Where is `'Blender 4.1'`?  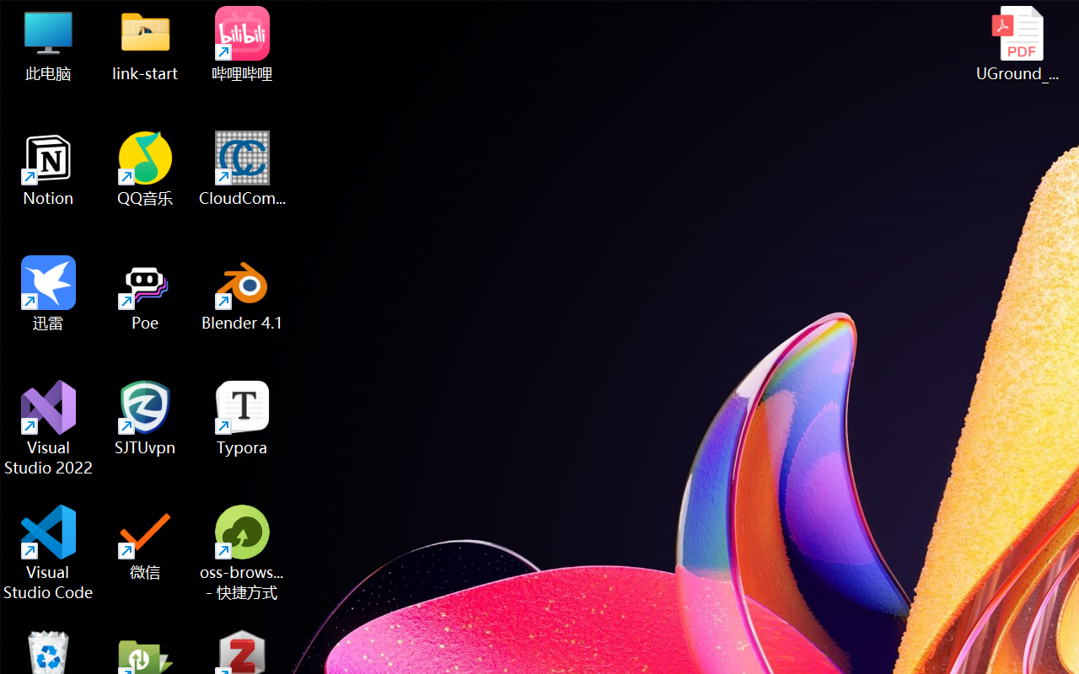 'Blender 4.1' is located at coordinates (242, 293).